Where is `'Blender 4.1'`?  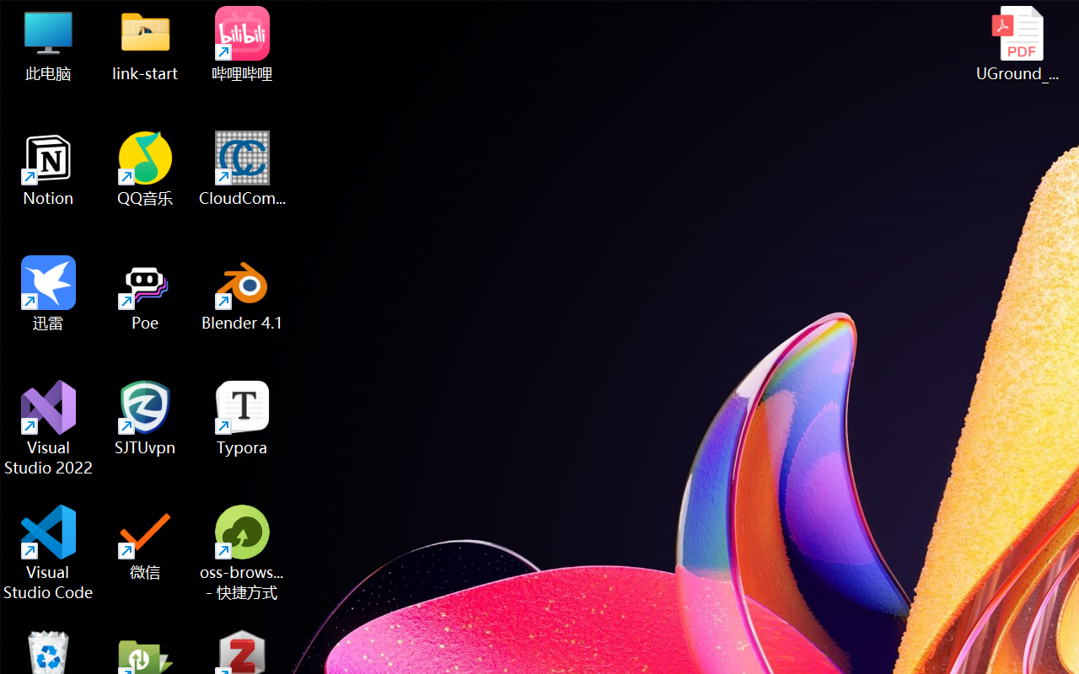 'Blender 4.1' is located at coordinates (242, 293).